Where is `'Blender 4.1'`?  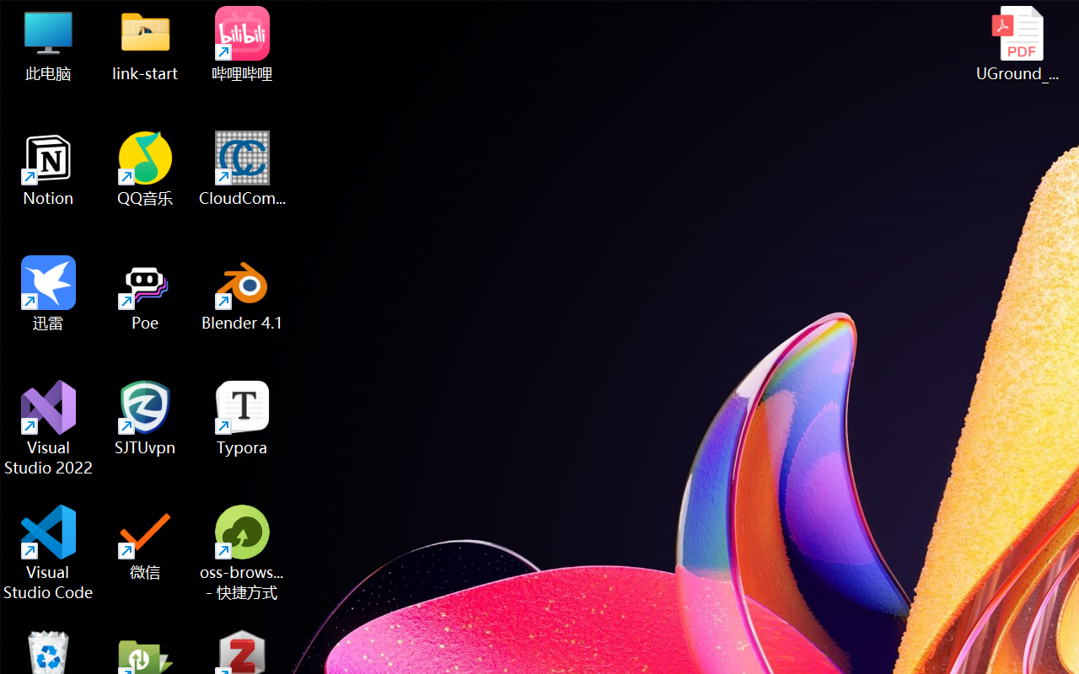 'Blender 4.1' is located at coordinates (242, 293).